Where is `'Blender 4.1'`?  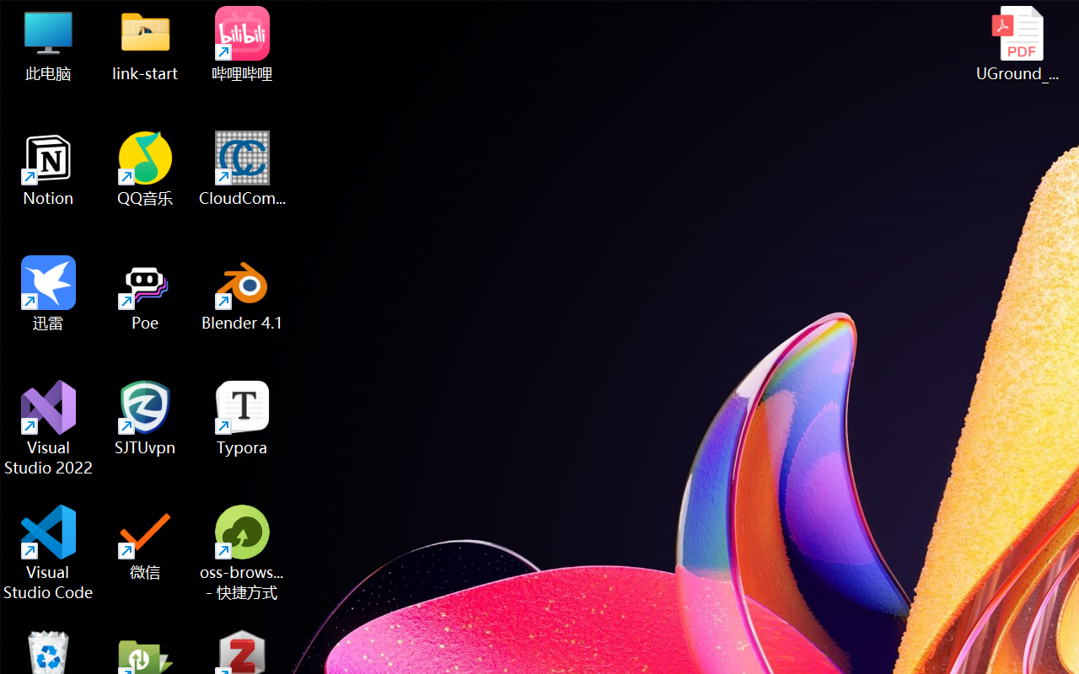 'Blender 4.1' is located at coordinates (242, 293).